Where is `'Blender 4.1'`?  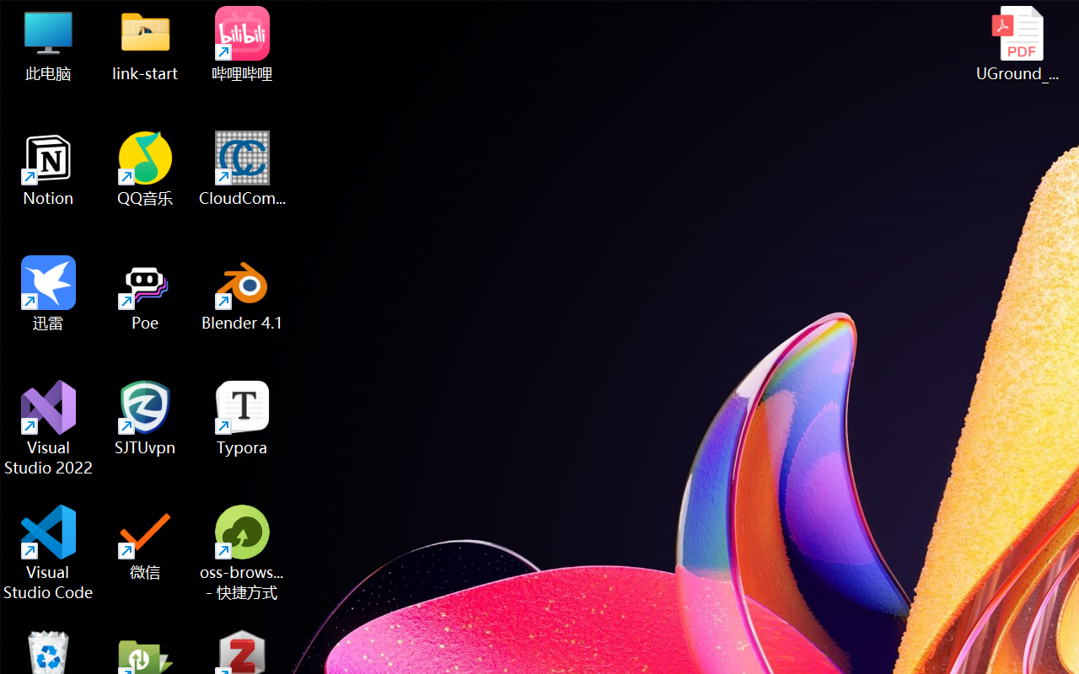 'Blender 4.1' is located at coordinates (242, 293).